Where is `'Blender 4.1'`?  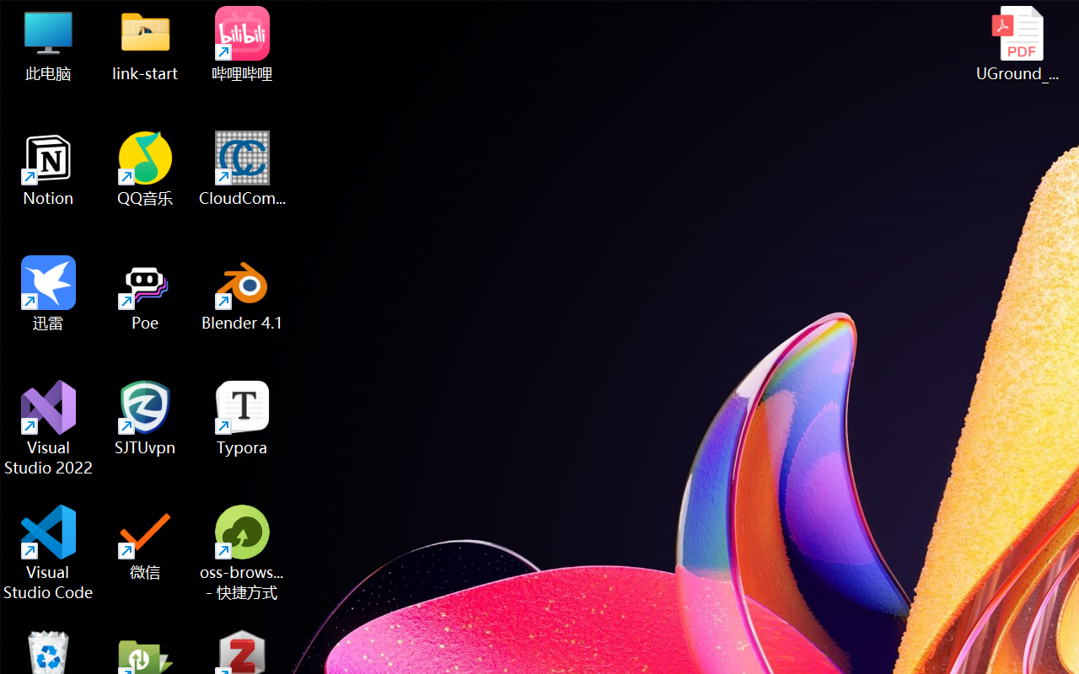 'Blender 4.1' is located at coordinates (242, 293).